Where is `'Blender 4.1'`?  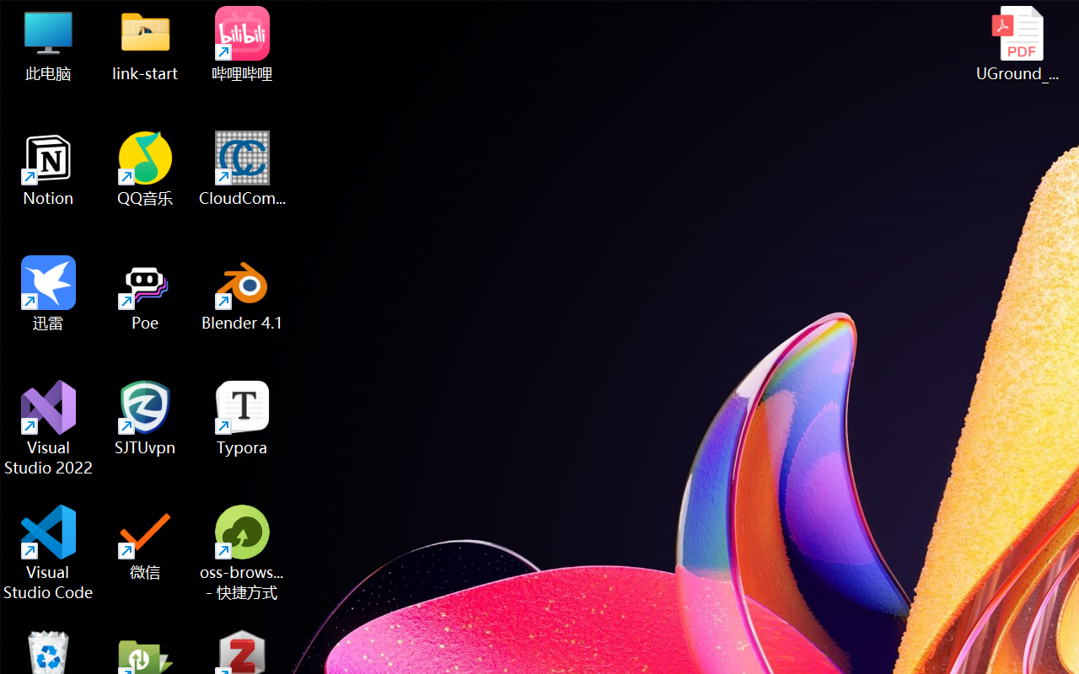 'Blender 4.1' is located at coordinates (242, 293).